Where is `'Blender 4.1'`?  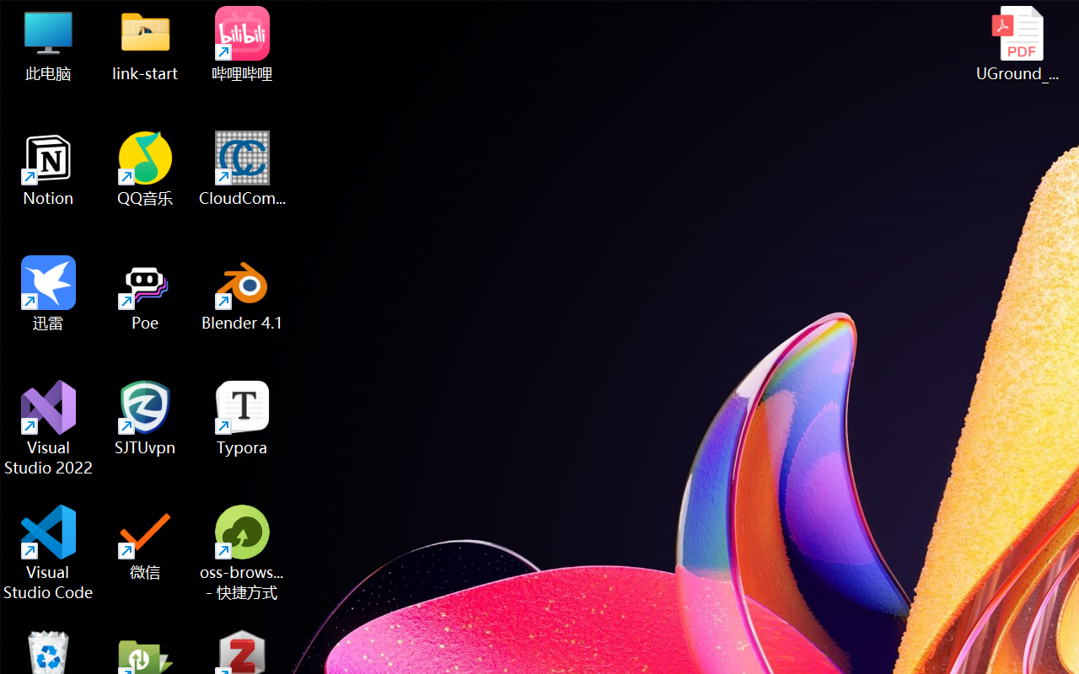 'Blender 4.1' is located at coordinates (242, 293).